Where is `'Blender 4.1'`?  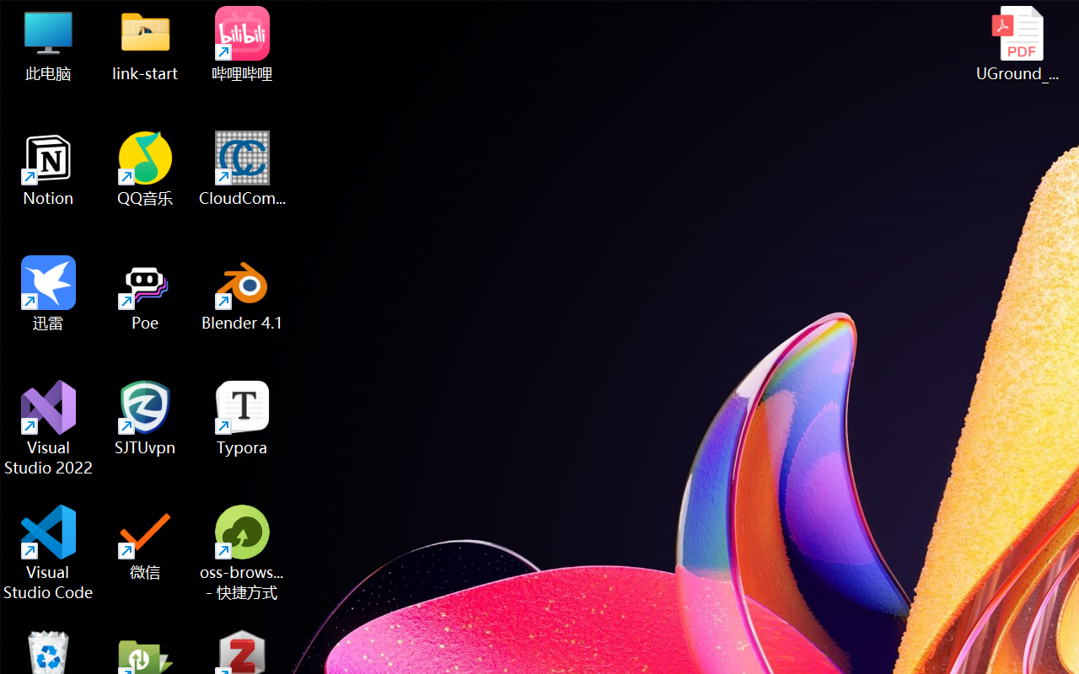 'Blender 4.1' is located at coordinates (242, 293).